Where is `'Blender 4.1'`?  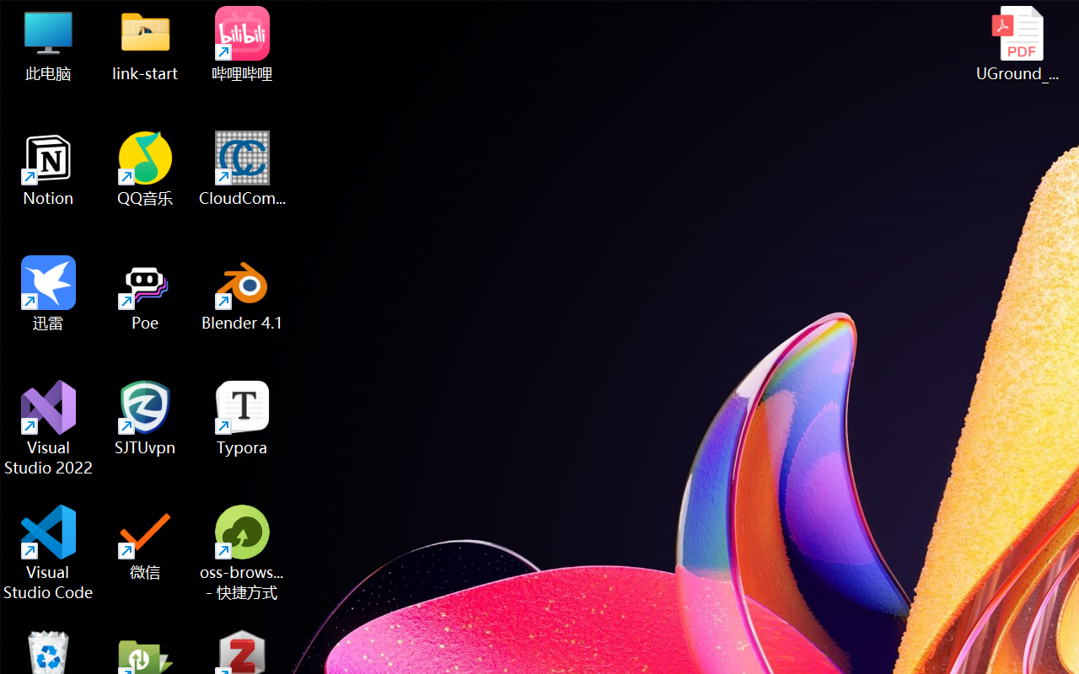 'Blender 4.1' is located at coordinates (242, 293).